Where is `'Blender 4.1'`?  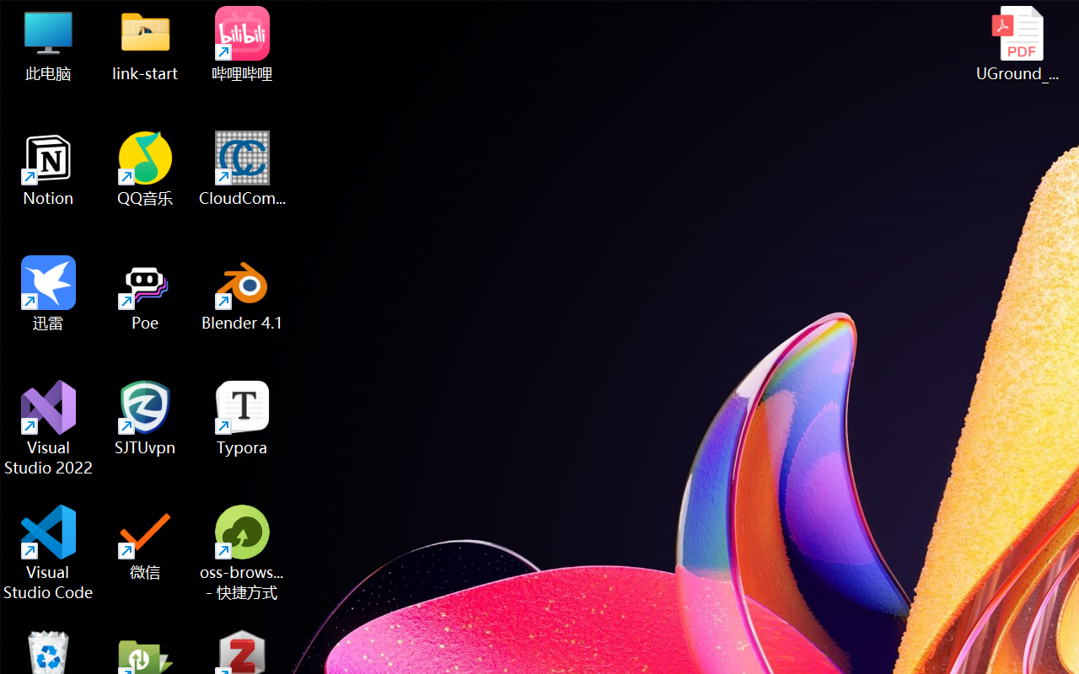 'Blender 4.1' is located at coordinates (242, 293).